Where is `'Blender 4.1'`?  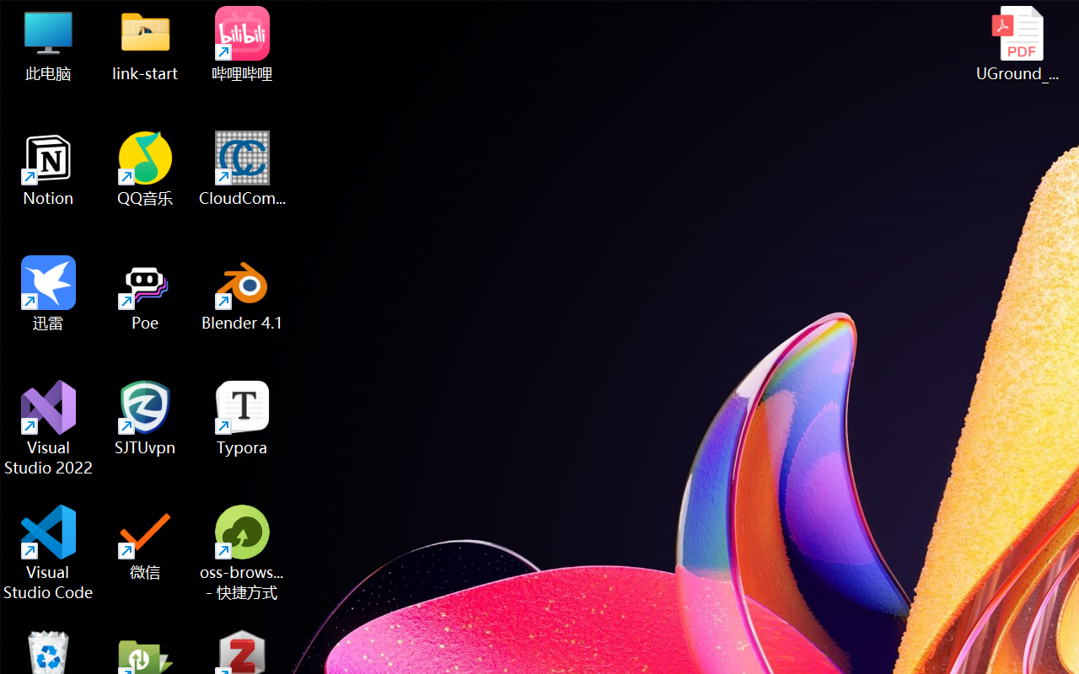 'Blender 4.1' is located at coordinates (242, 293).